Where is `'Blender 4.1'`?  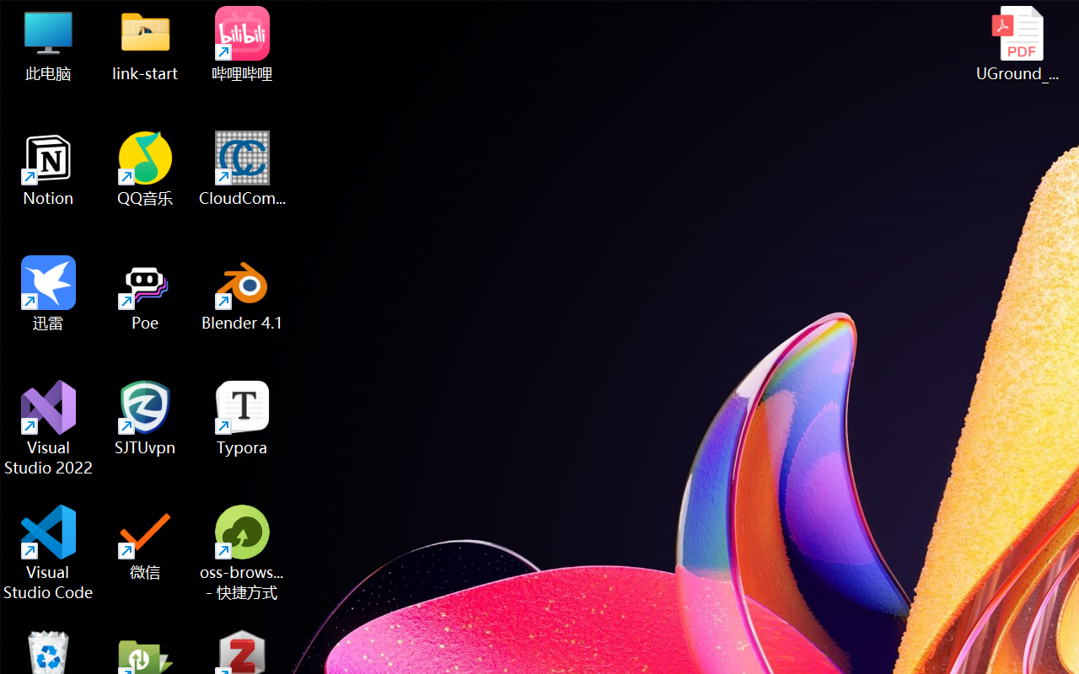 'Blender 4.1' is located at coordinates (242, 293).